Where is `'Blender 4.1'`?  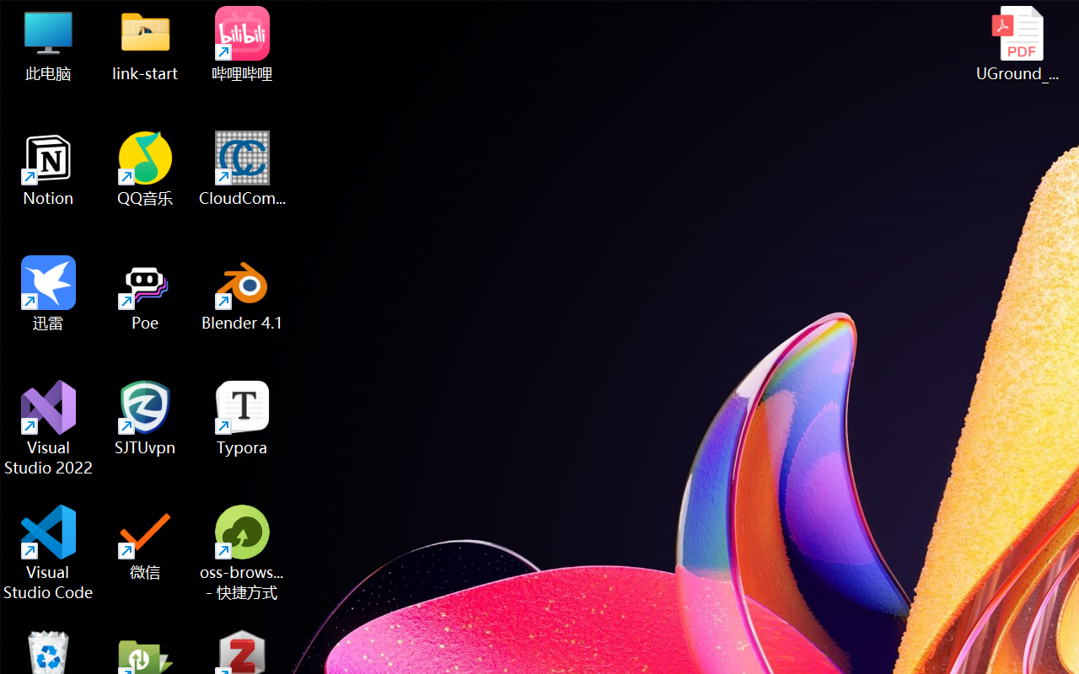 'Blender 4.1' is located at coordinates (242, 293).